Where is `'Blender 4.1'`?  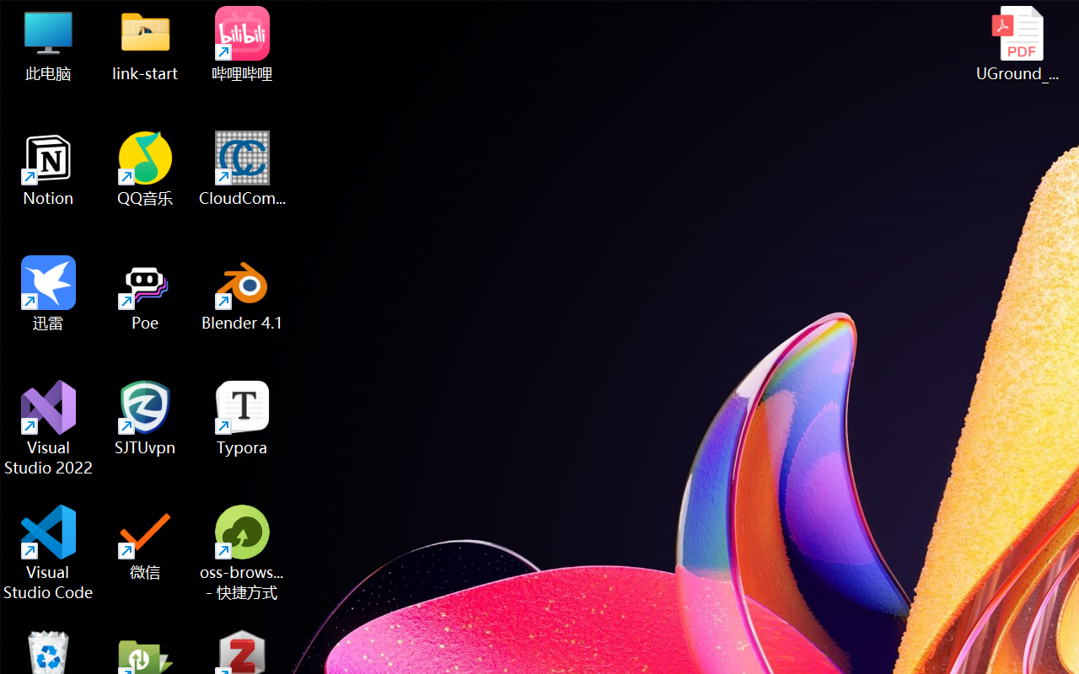 'Blender 4.1' is located at coordinates (242, 293).